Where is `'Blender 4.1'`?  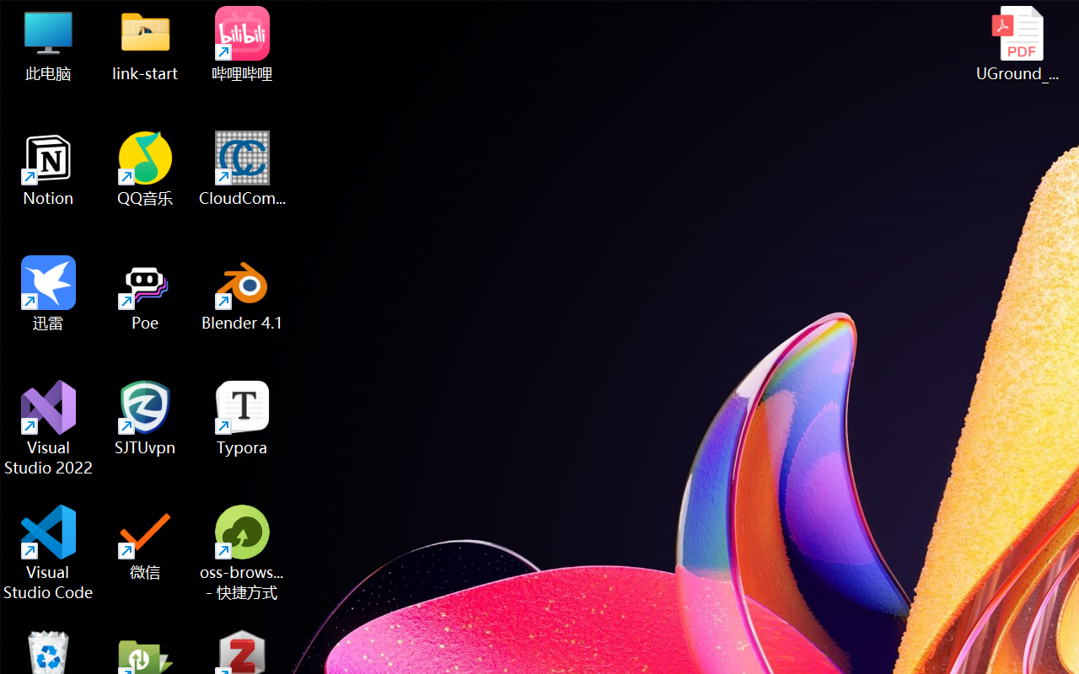 'Blender 4.1' is located at coordinates (242, 293).